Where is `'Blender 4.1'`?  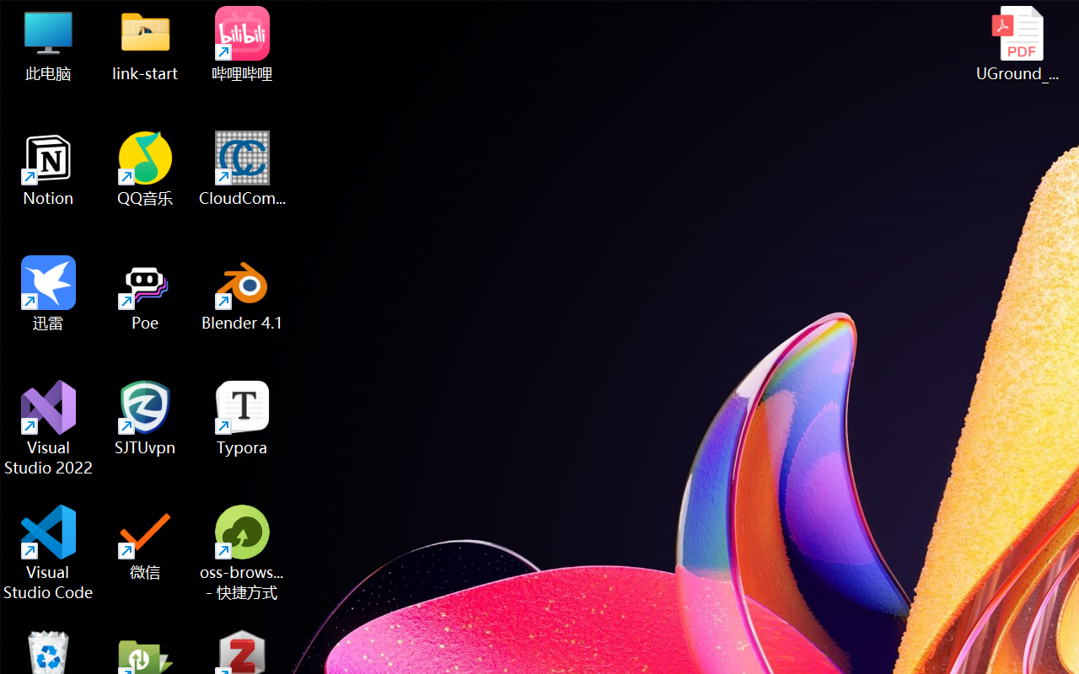 'Blender 4.1' is located at coordinates (242, 293).